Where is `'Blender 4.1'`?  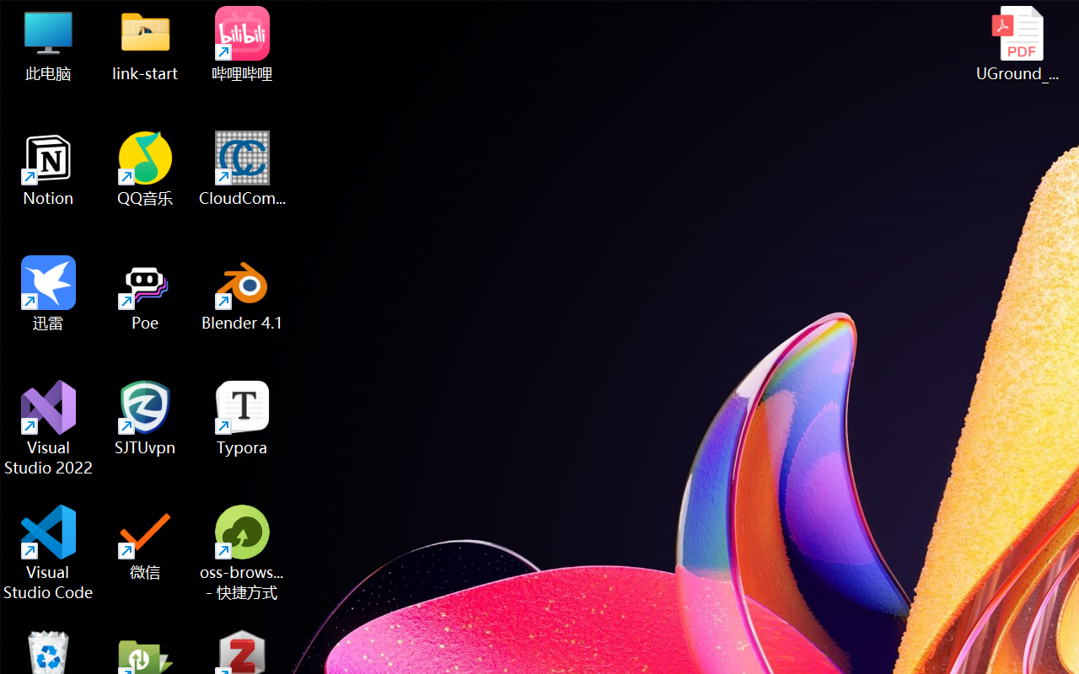 'Blender 4.1' is located at coordinates (242, 293).